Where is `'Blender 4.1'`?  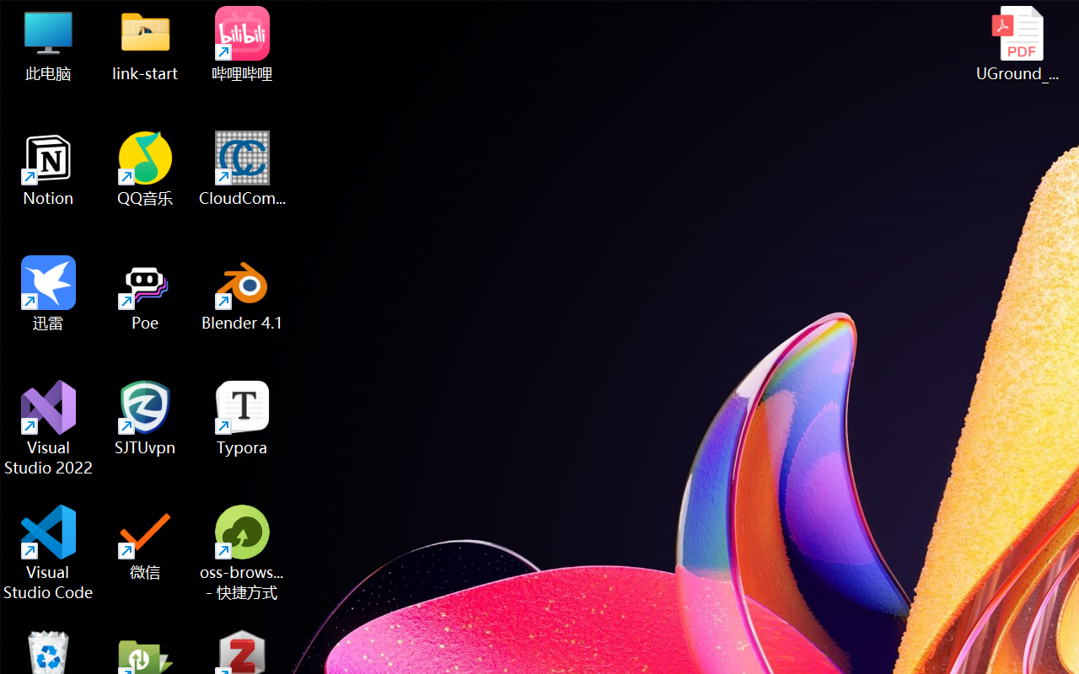 'Blender 4.1' is located at coordinates (242, 293).